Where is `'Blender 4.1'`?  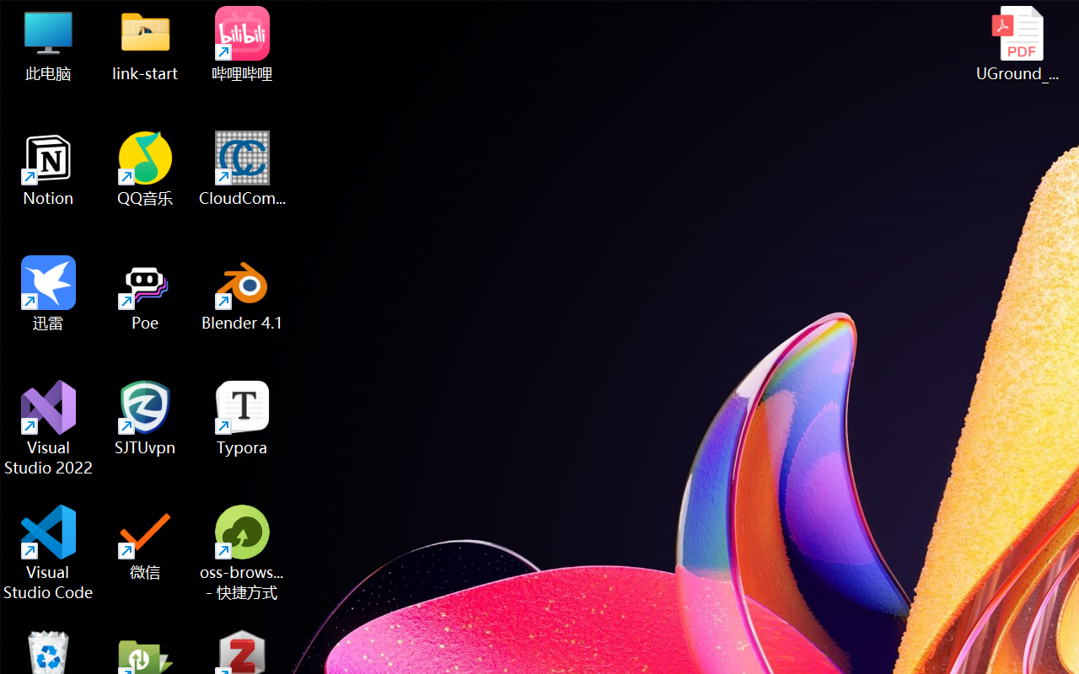 'Blender 4.1' is located at coordinates (242, 293).